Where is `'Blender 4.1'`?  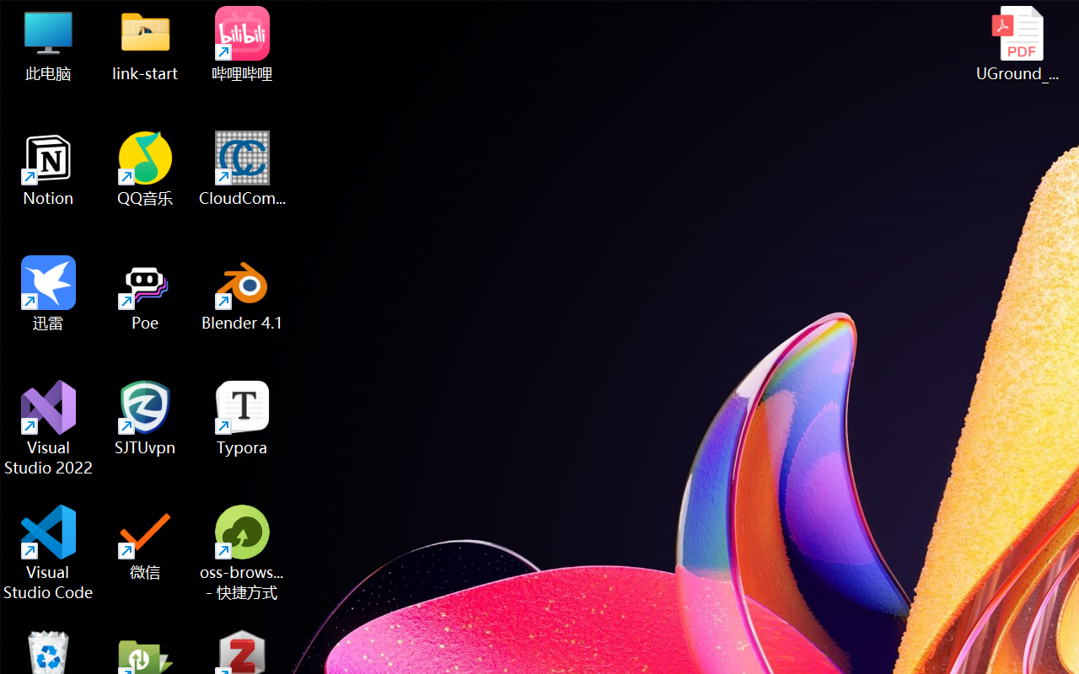 'Blender 4.1' is located at coordinates (242, 293).